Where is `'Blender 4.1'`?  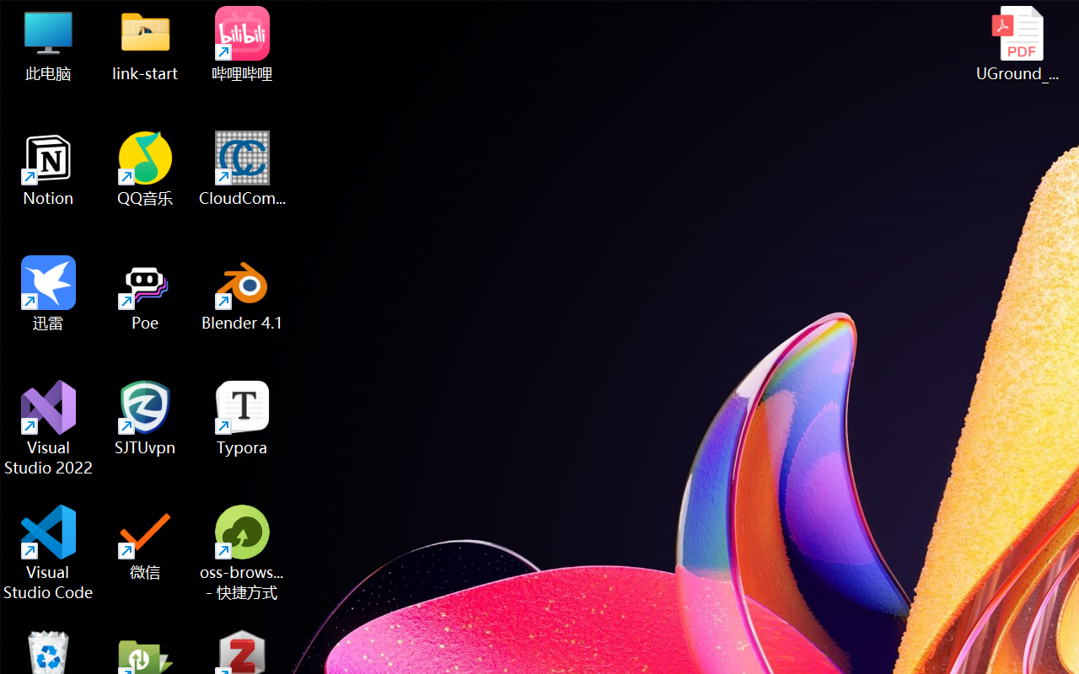 'Blender 4.1' is located at coordinates (242, 293).